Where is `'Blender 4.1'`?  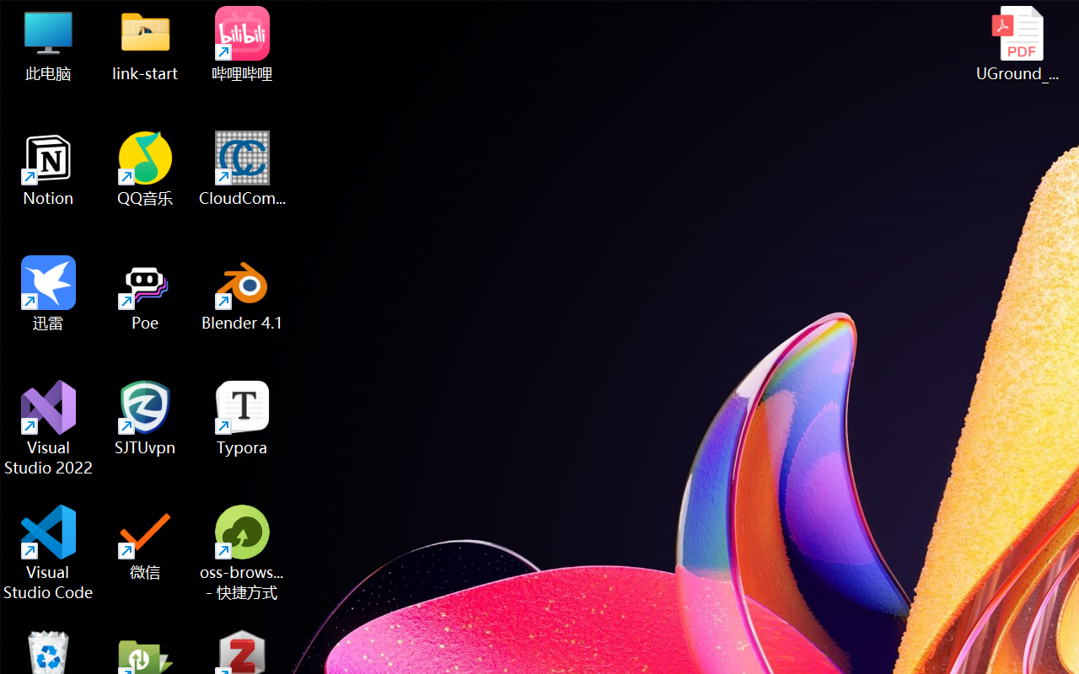 'Blender 4.1' is located at coordinates (242, 293).